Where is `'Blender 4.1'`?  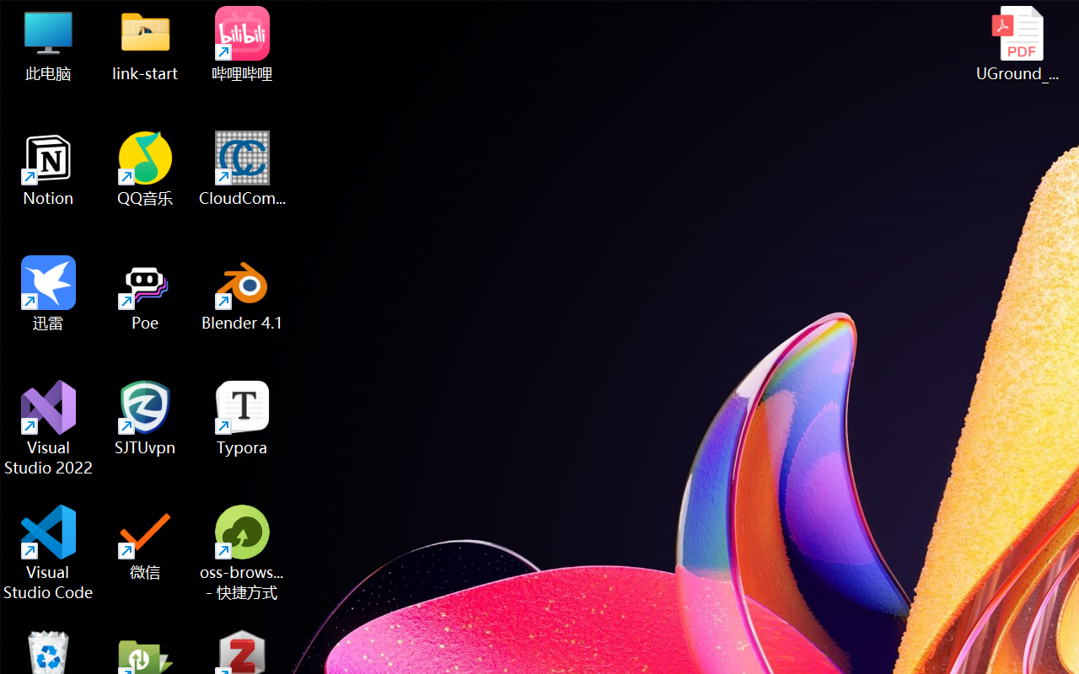 'Blender 4.1' is located at coordinates (242, 293).